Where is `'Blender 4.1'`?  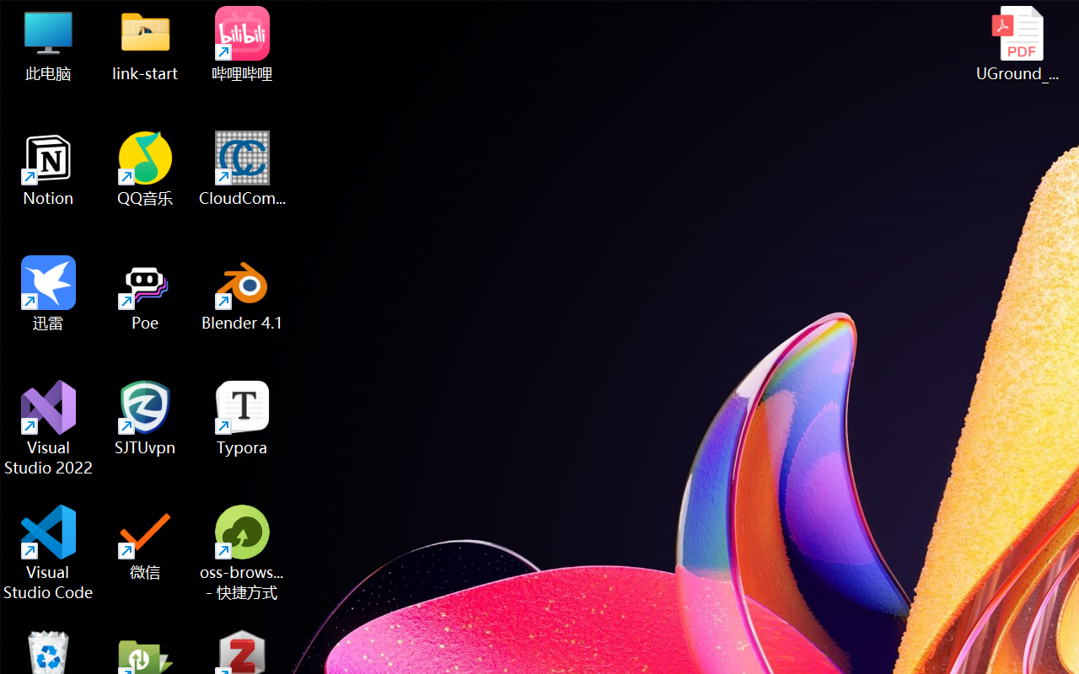 'Blender 4.1' is located at coordinates (242, 293).